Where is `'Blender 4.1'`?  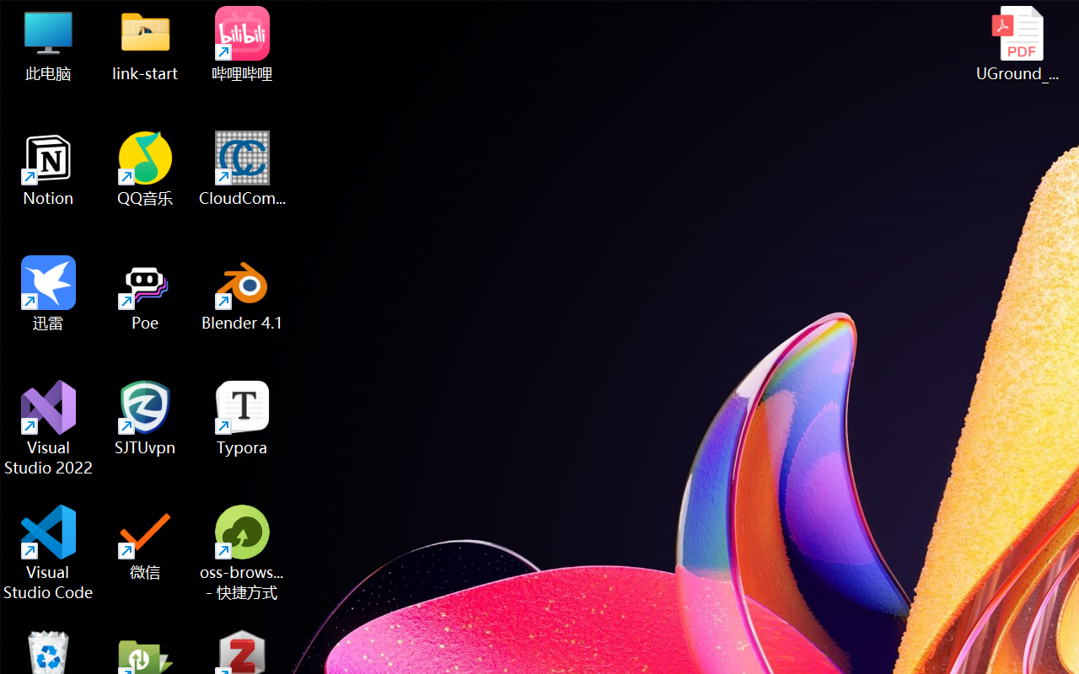 'Blender 4.1' is located at coordinates (242, 293).